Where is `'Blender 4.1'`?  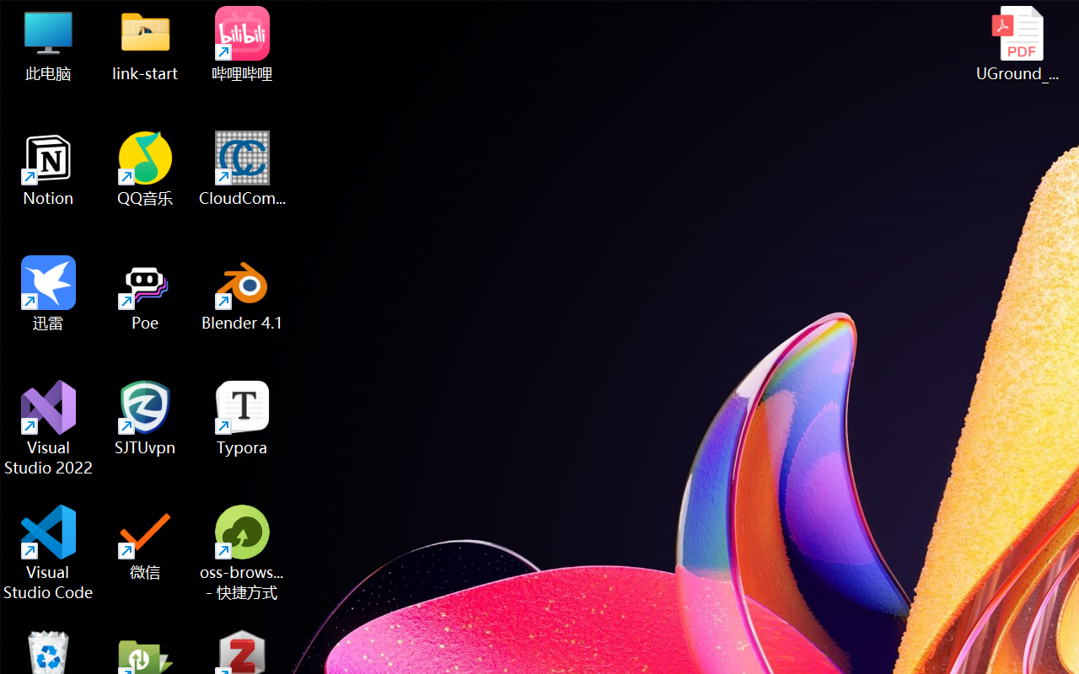 'Blender 4.1' is located at coordinates (242, 293).